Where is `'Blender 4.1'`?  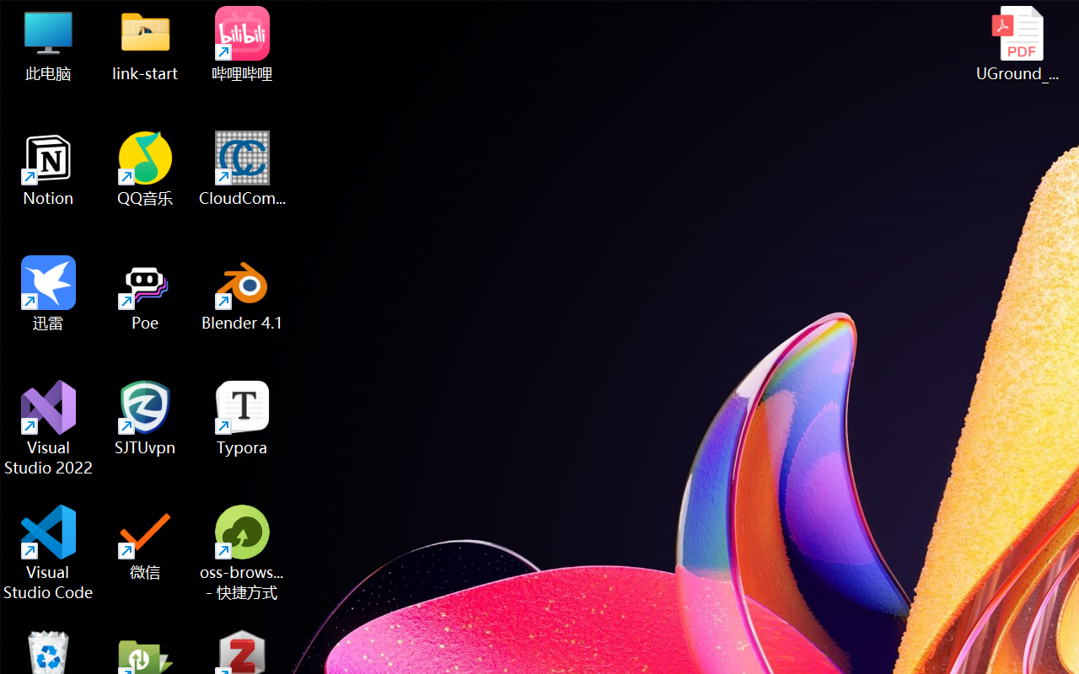 'Blender 4.1' is located at coordinates (242, 293).